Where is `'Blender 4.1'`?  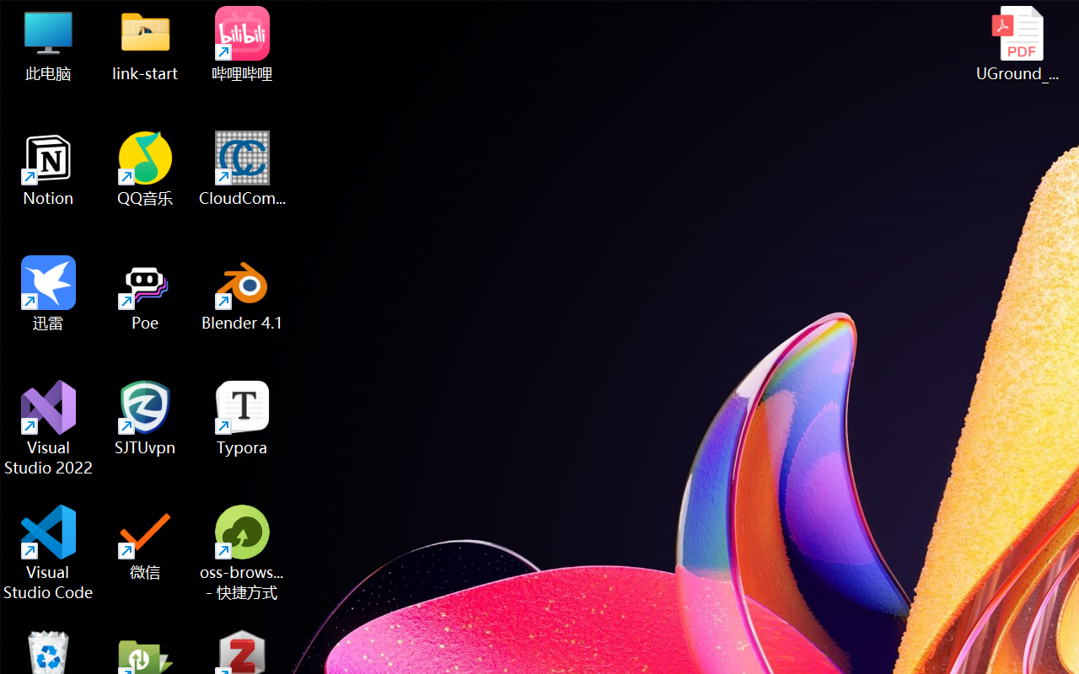 'Blender 4.1' is located at coordinates (242, 293).